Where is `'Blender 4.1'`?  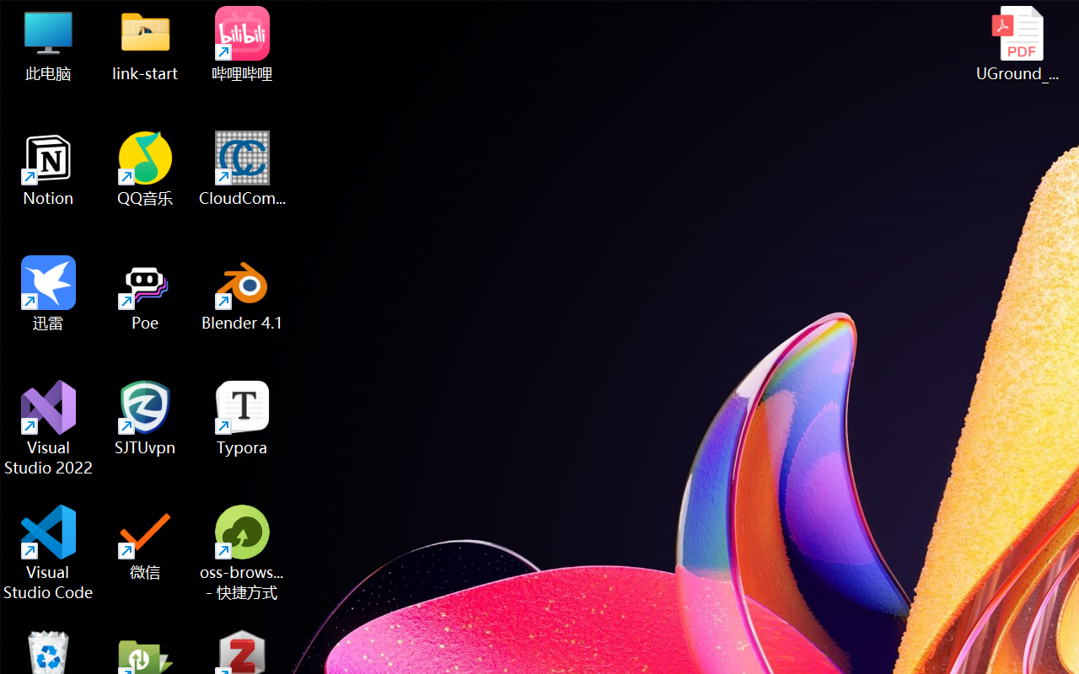 'Blender 4.1' is located at coordinates (242, 293).